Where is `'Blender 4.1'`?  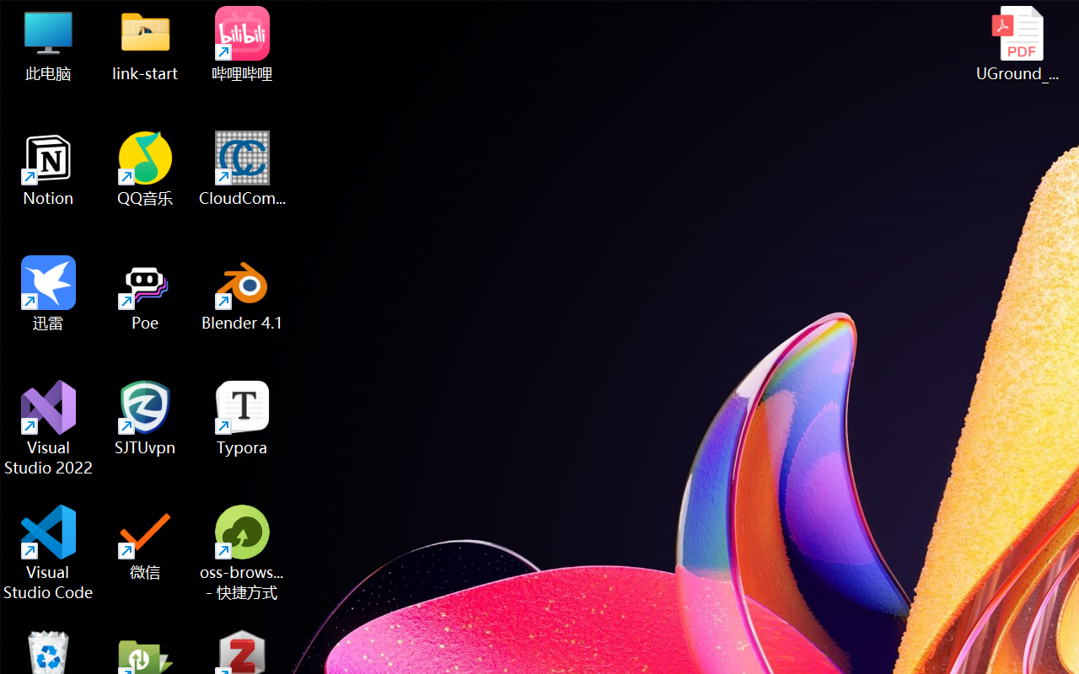 'Blender 4.1' is located at coordinates (242, 293).